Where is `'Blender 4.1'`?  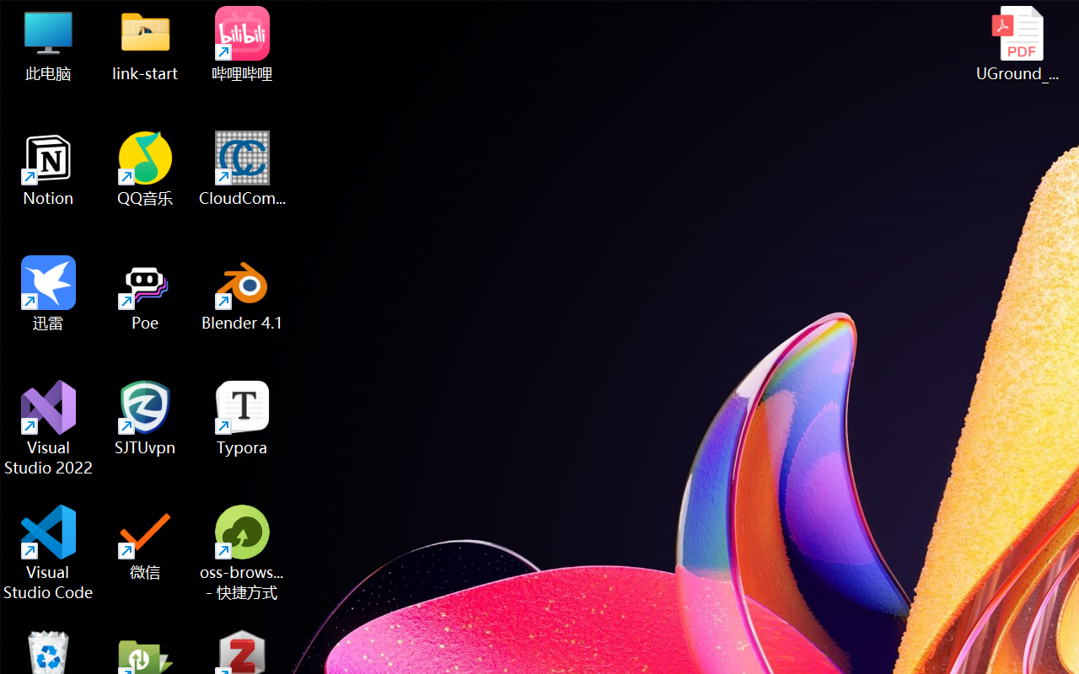 'Blender 4.1' is located at coordinates (242, 293).